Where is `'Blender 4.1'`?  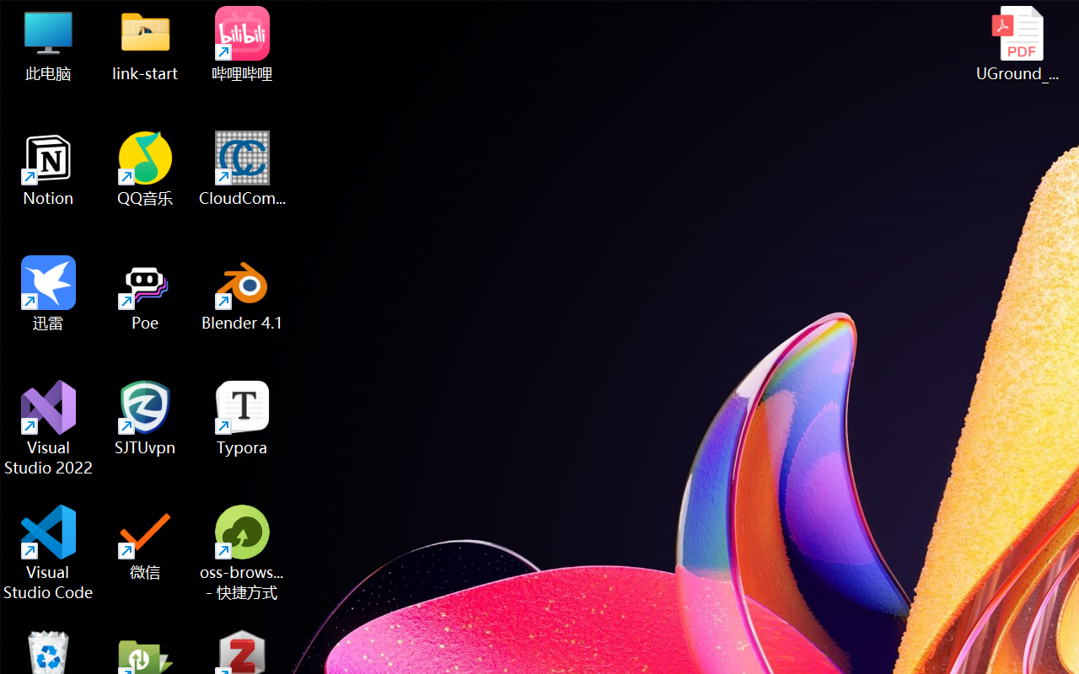 'Blender 4.1' is located at coordinates (242, 293).